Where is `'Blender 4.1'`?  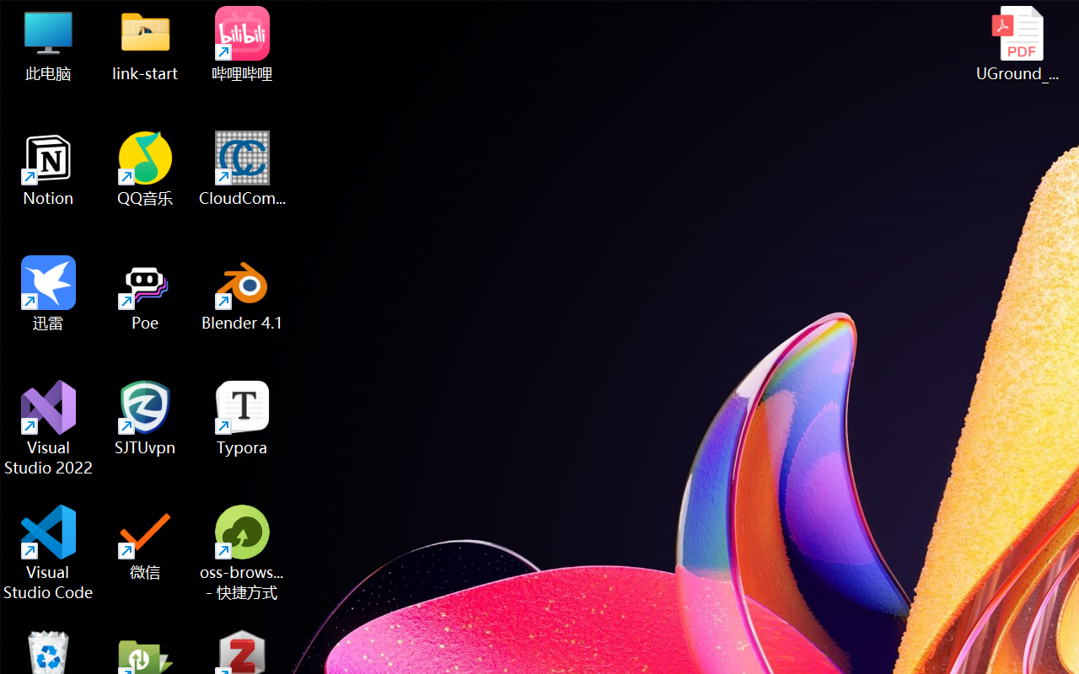 'Blender 4.1' is located at coordinates (242, 293).